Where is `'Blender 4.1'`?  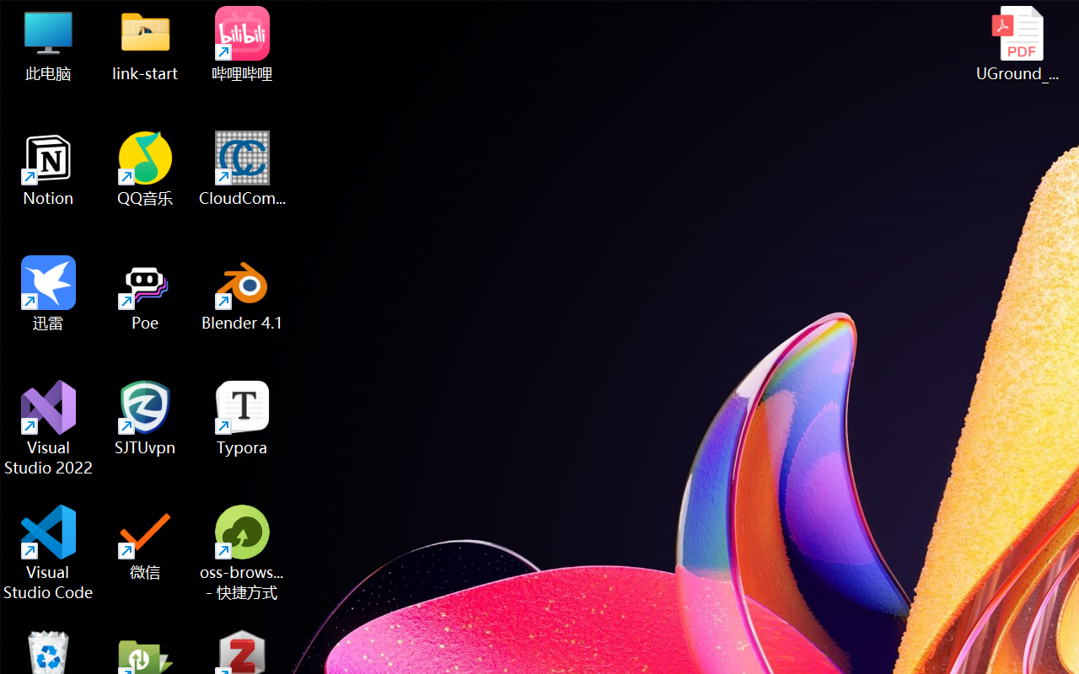 'Blender 4.1' is located at coordinates (242, 293).